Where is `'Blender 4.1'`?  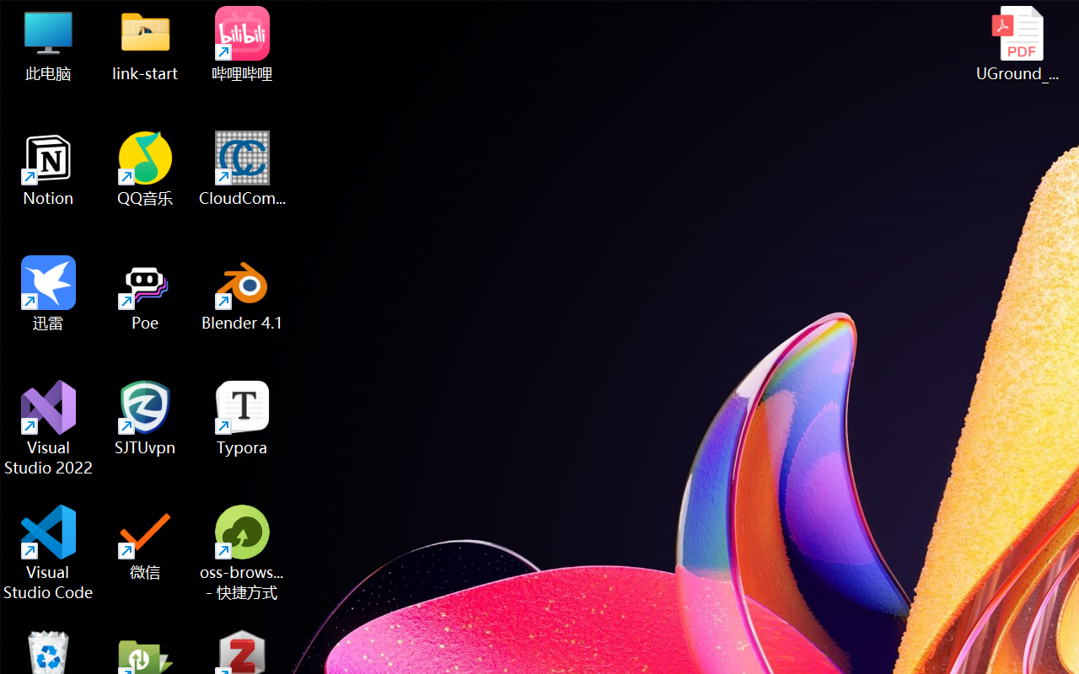 'Blender 4.1' is located at coordinates (242, 293).